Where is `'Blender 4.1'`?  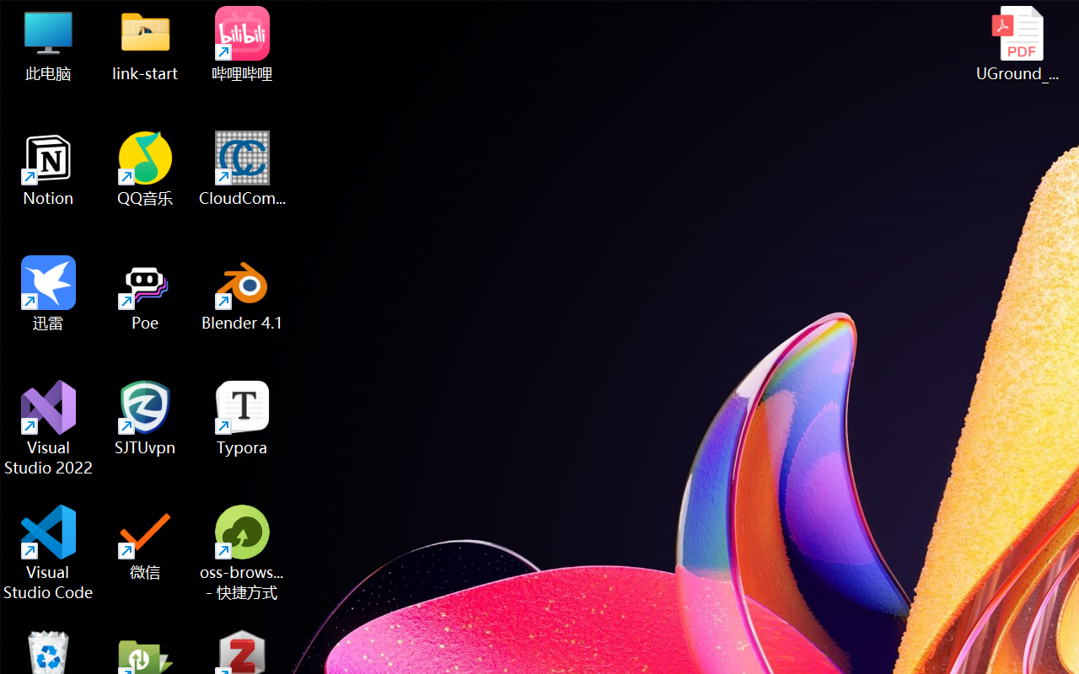 'Blender 4.1' is located at coordinates (242, 293).